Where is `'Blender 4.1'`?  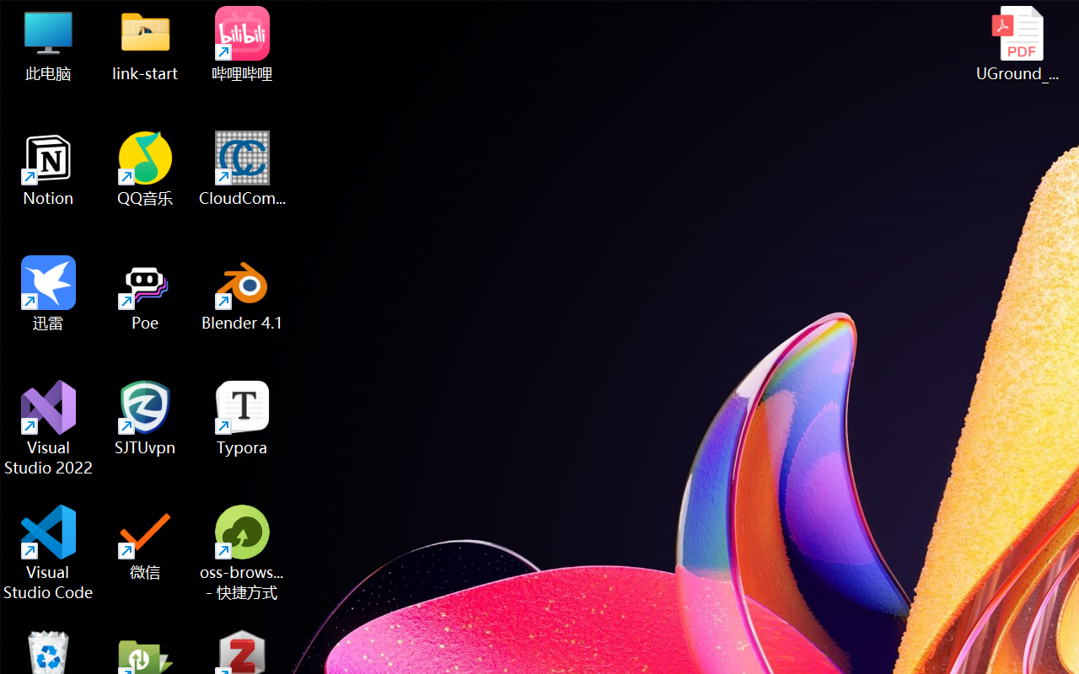 'Blender 4.1' is located at coordinates (242, 293).